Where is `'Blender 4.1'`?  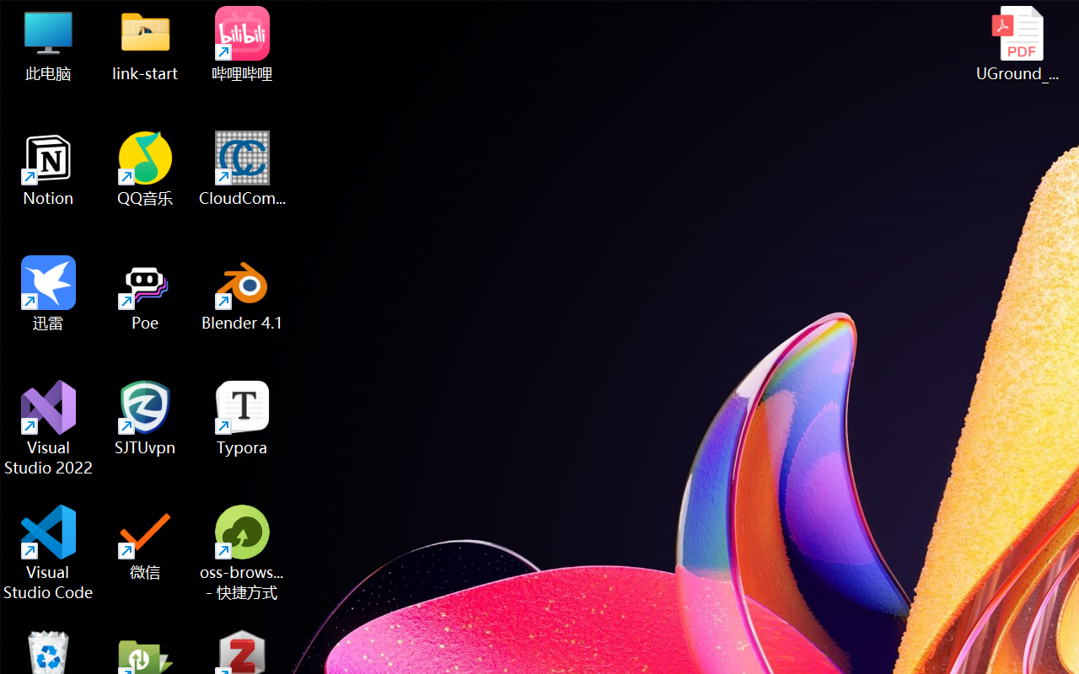 'Blender 4.1' is located at coordinates (242, 293).